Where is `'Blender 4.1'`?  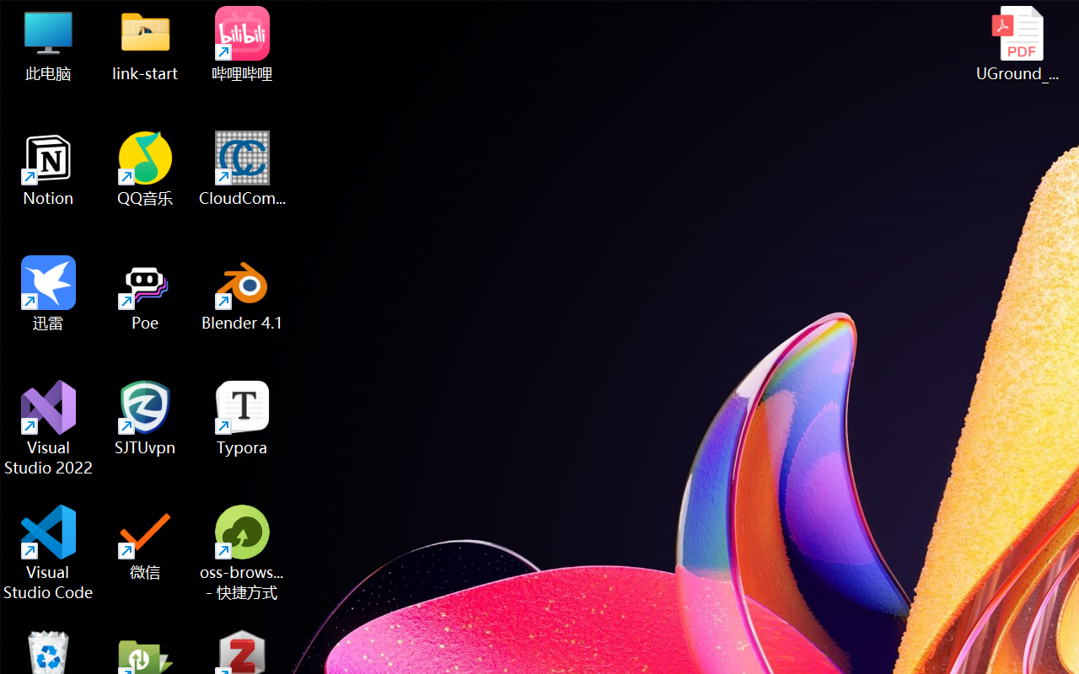 'Blender 4.1' is located at coordinates (242, 293).